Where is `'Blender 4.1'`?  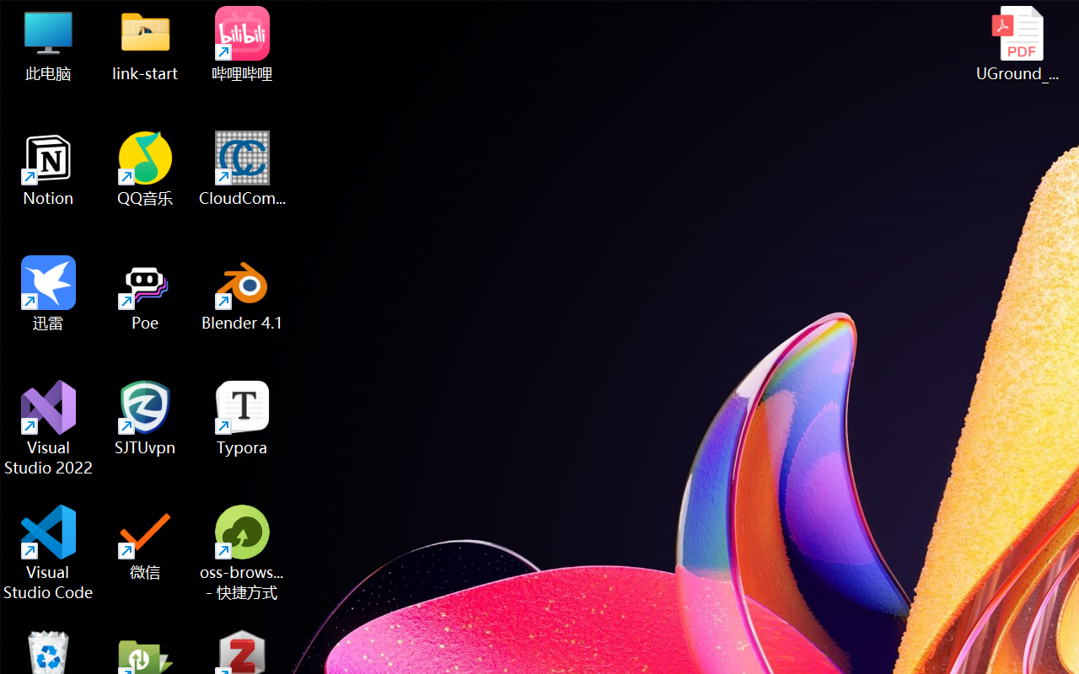 'Blender 4.1' is located at coordinates (242, 293).